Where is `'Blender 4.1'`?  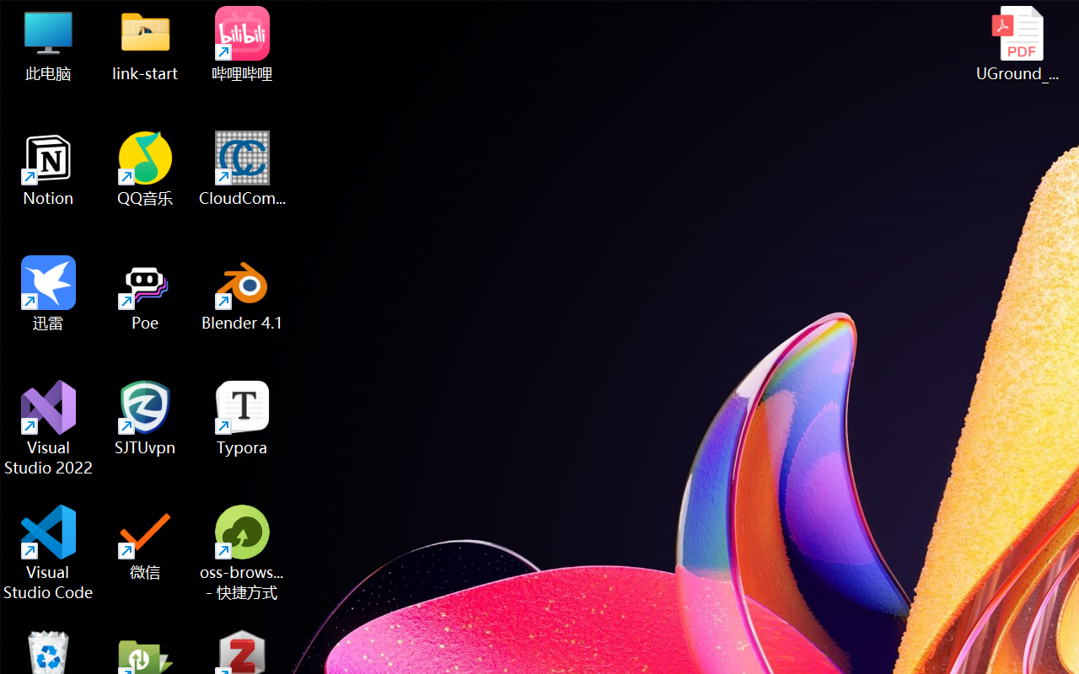 'Blender 4.1' is located at coordinates (242, 293).